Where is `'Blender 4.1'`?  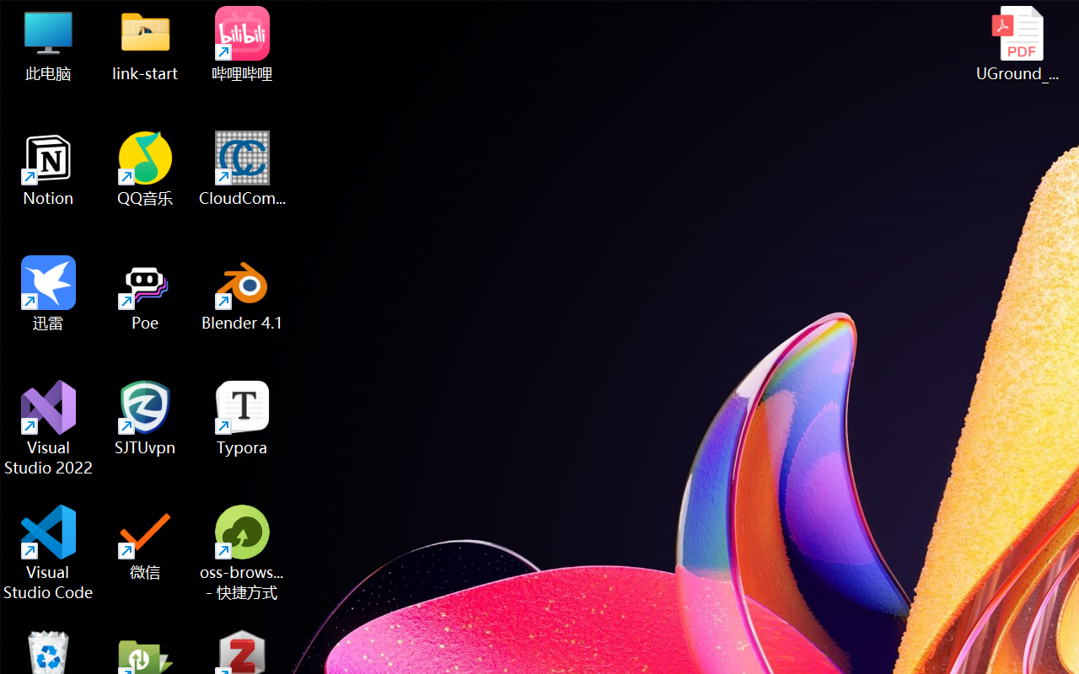 'Blender 4.1' is located at coordinates (242, 293).